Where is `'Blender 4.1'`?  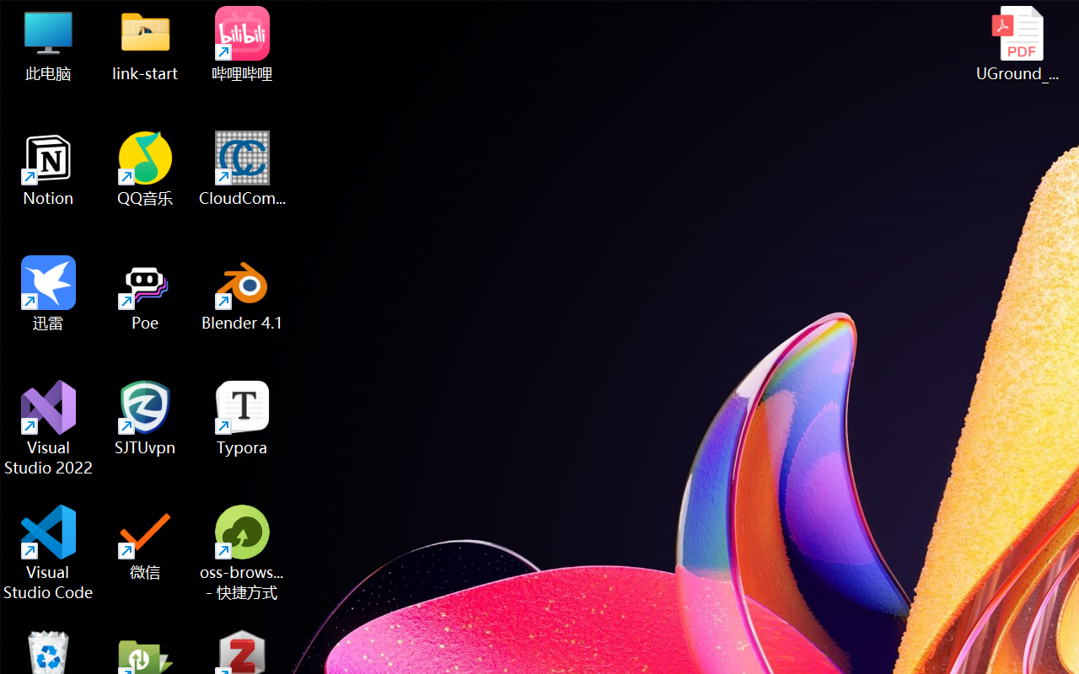 'Blender 4.1' is located at coordinates (242, 293).